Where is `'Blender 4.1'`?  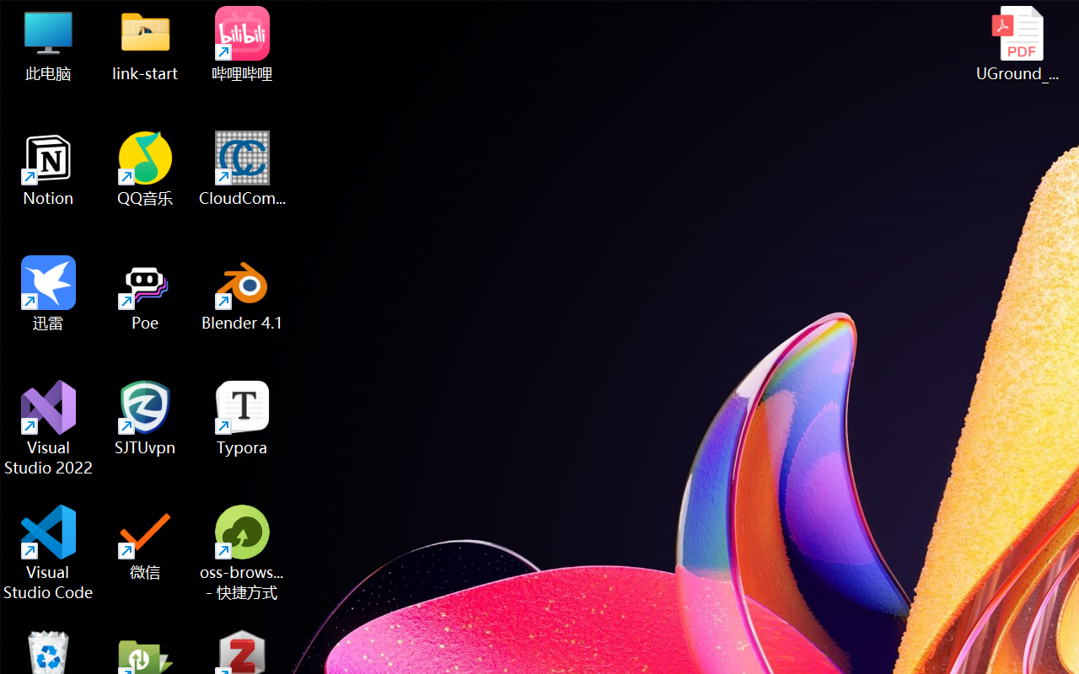 'Blender 4.1' is located at coordinates (242, 293).